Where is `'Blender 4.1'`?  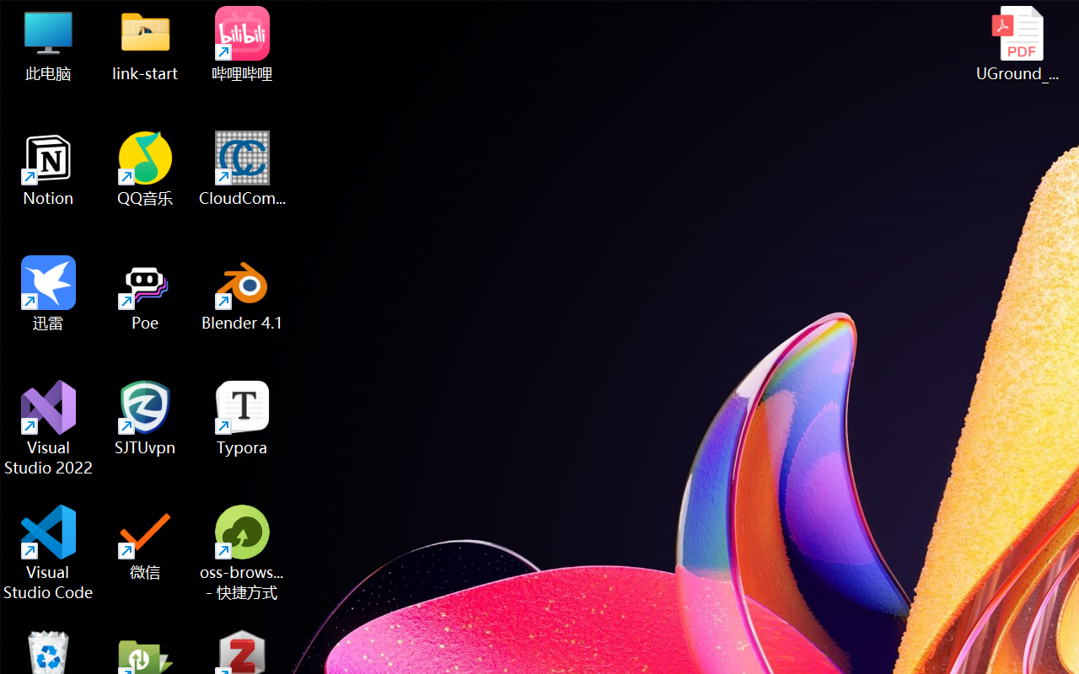 'Blender 4.1' is located at coordinates (242, 293).